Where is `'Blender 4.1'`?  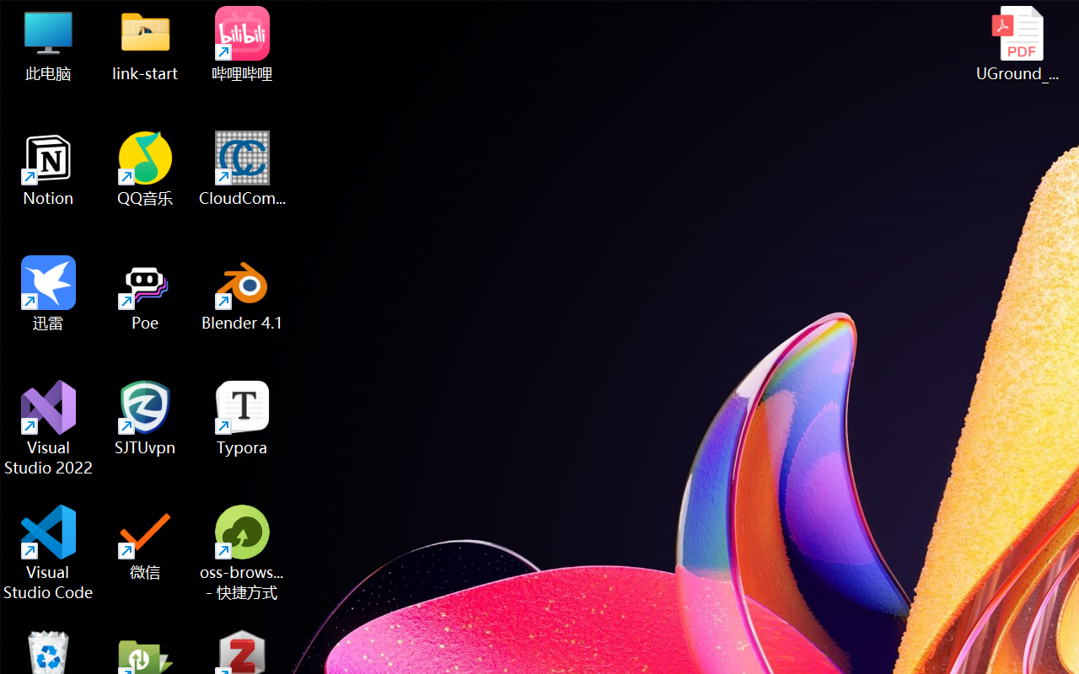 'Blender 4.1' is located at coordinates (242, 293).